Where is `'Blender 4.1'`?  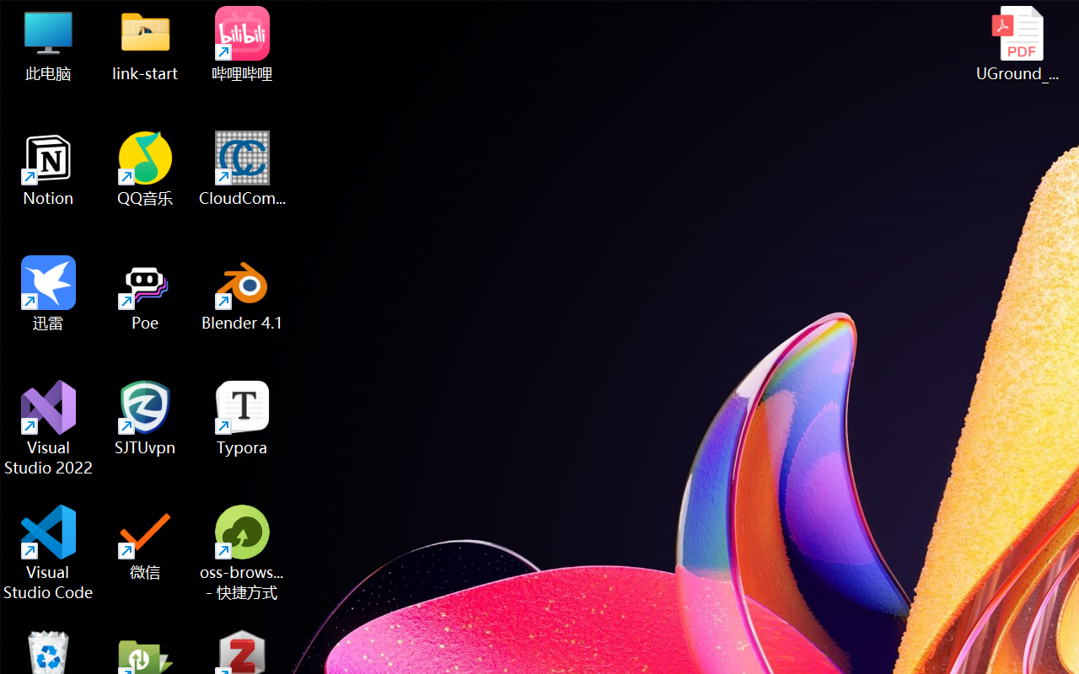 'Blender 4.1' is located at coordinates (242, 293).